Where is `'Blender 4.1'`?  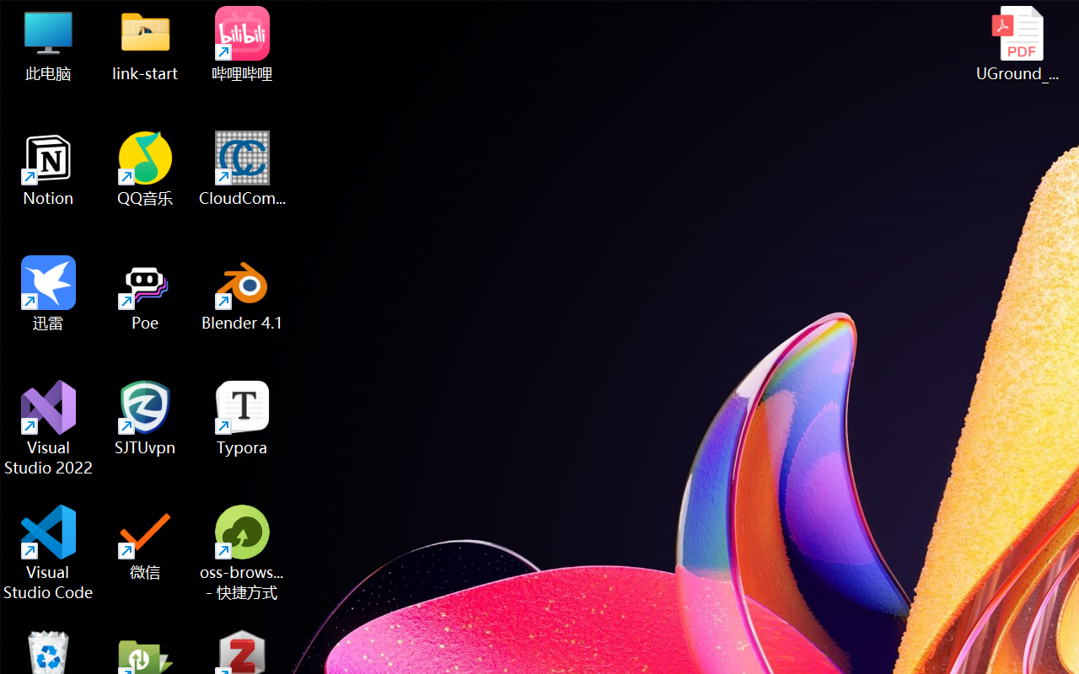 'Blender 4.1' is located at coordinates (242, 293).